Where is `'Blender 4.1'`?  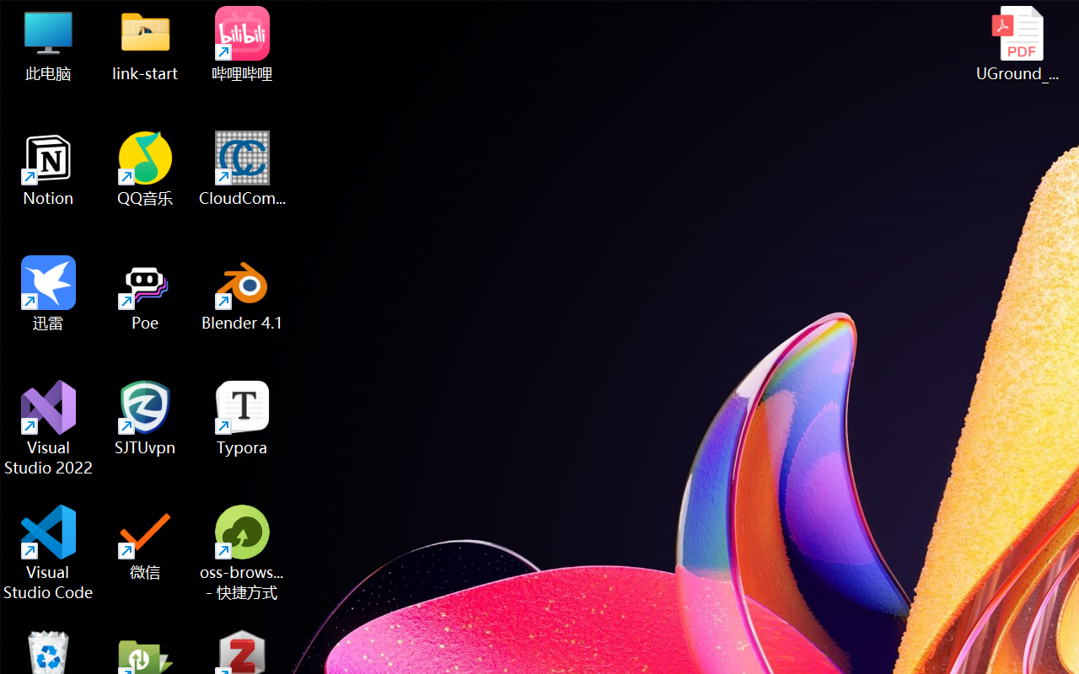 'Blender 4.1' is located at coordinates (242, 293).